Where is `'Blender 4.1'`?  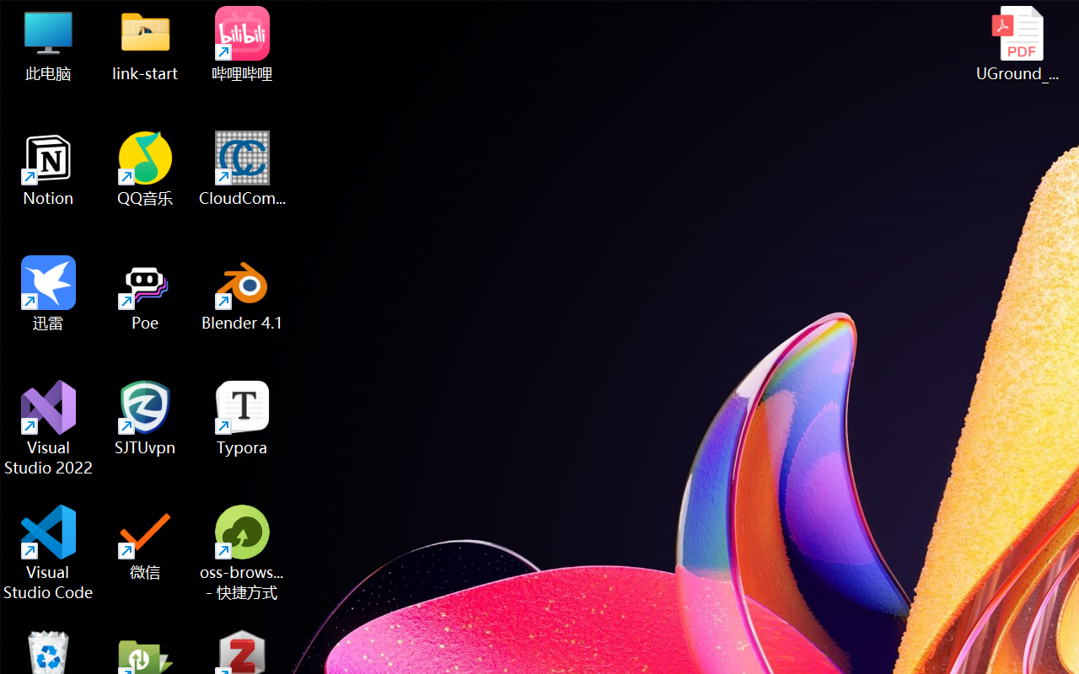 'Blender 4.1' is located at coordinates (242, 293).